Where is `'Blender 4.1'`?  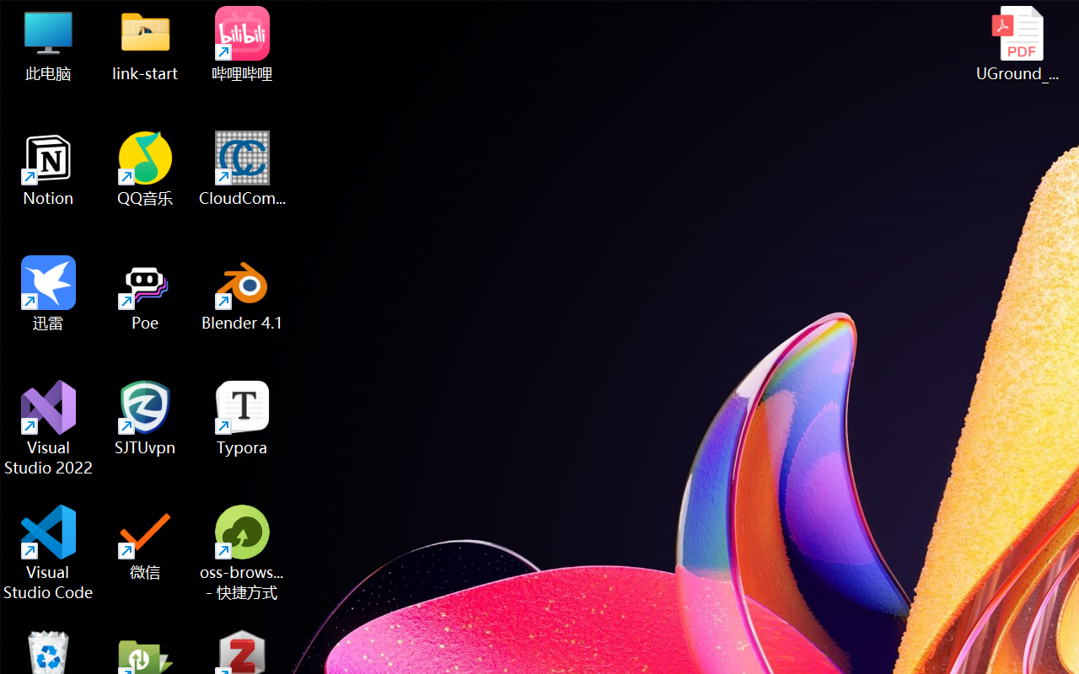 'Blender 4.1' is located at coordinates (242, 293).